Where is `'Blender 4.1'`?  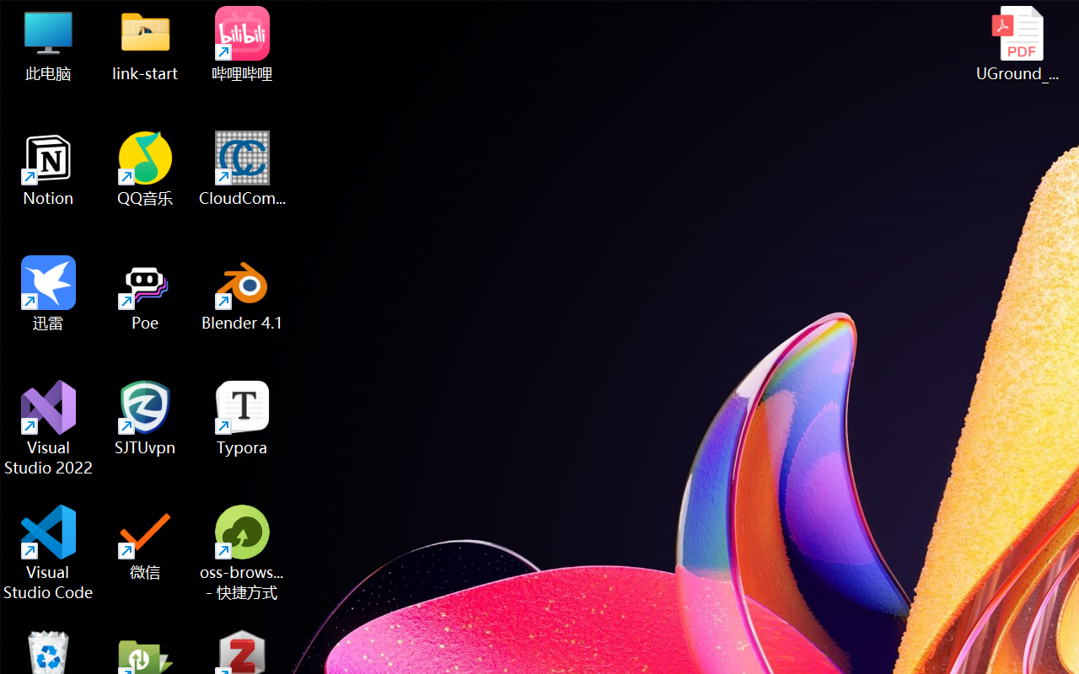 'Blender 4.1' is located at coordinates (242, 293).